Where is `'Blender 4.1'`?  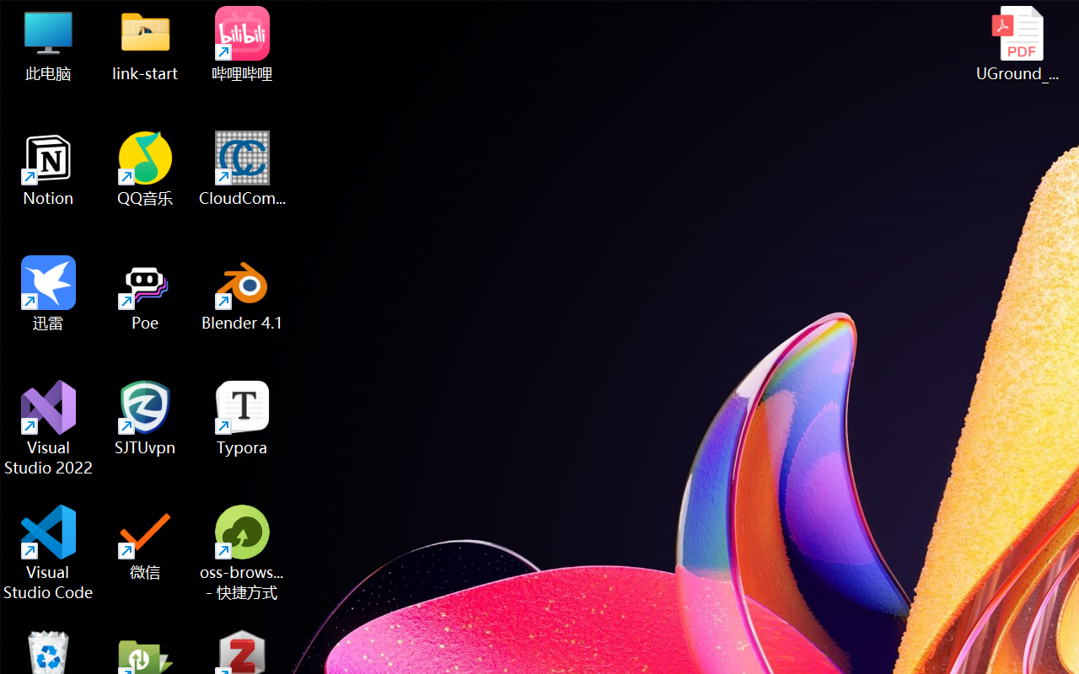 'Blender 4.1' is located at coordinates (242, 293).